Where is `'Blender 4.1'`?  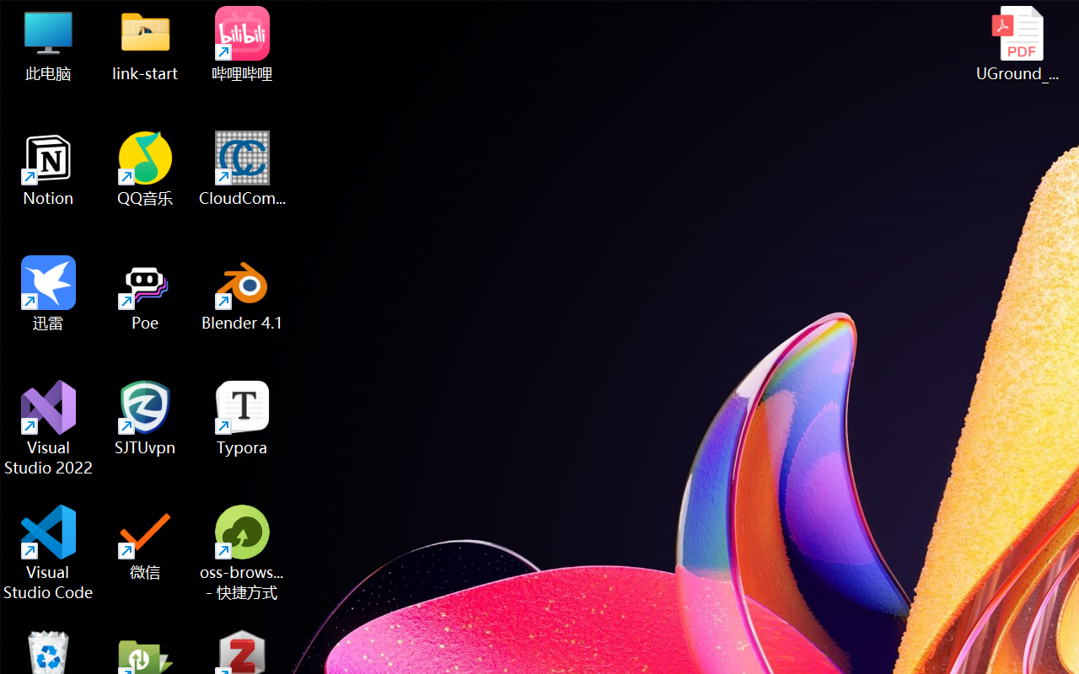 'Blender 4.1' is located at coordinates (242, 293).